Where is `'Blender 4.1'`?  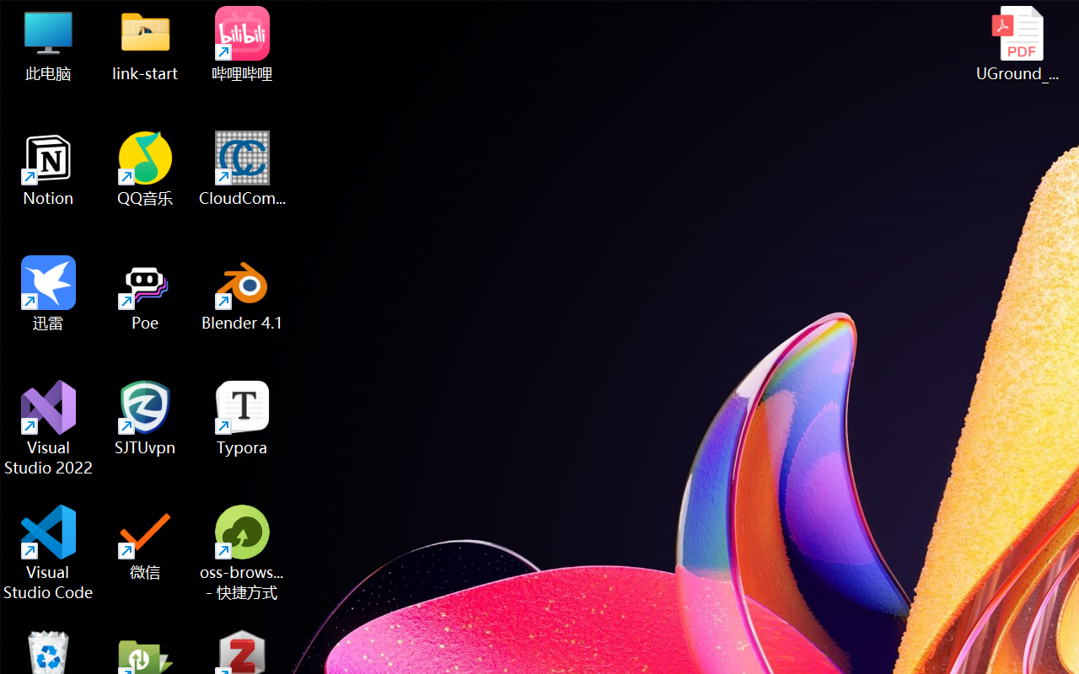 'Blender 4.1' is located at coordinates (242, 293).